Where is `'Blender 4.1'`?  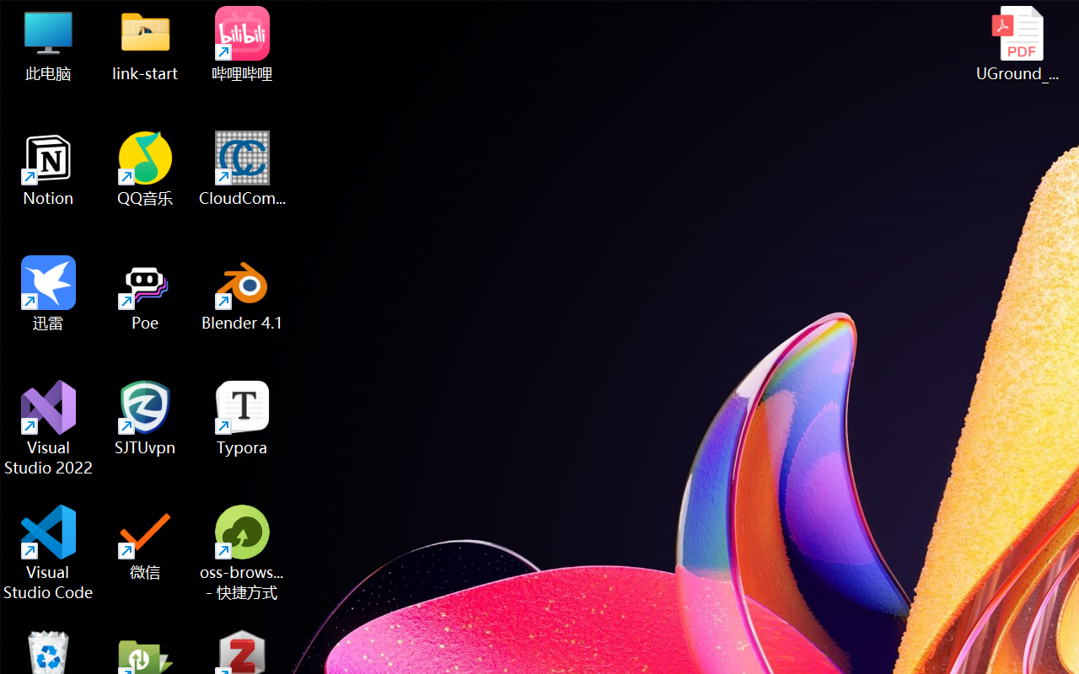 'Blender 4.1' is located at coordinates (242, 293).